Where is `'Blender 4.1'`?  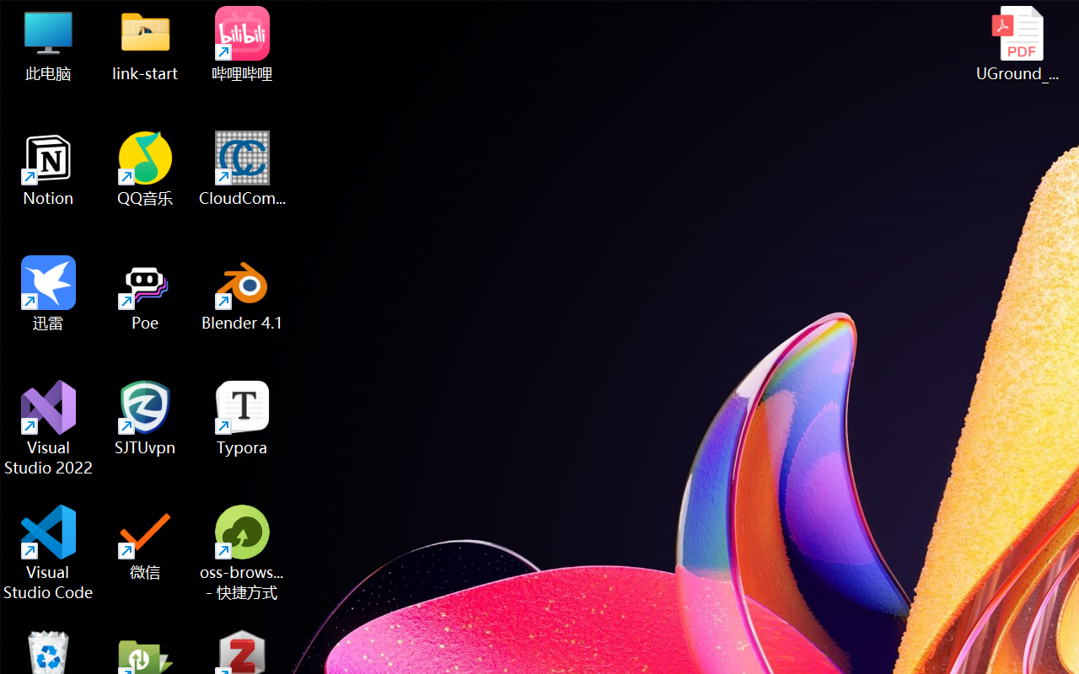 'Blender 4.1' is located at coordinates (242, 293).